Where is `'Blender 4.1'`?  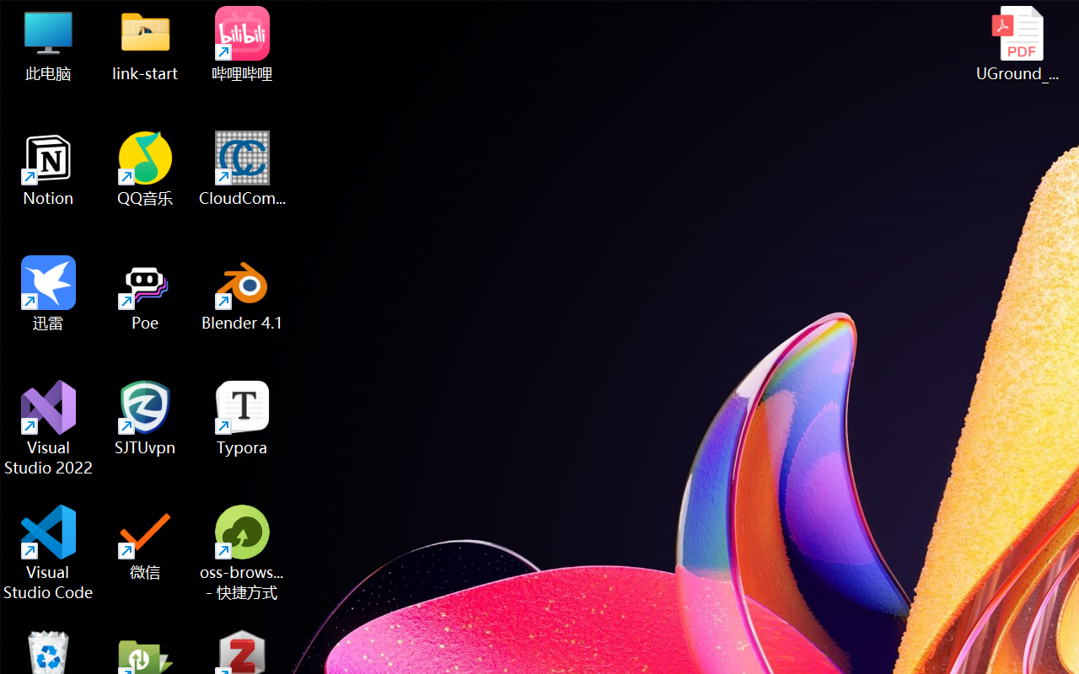 'Blender 4.1' is located at coordinates (242, 293).